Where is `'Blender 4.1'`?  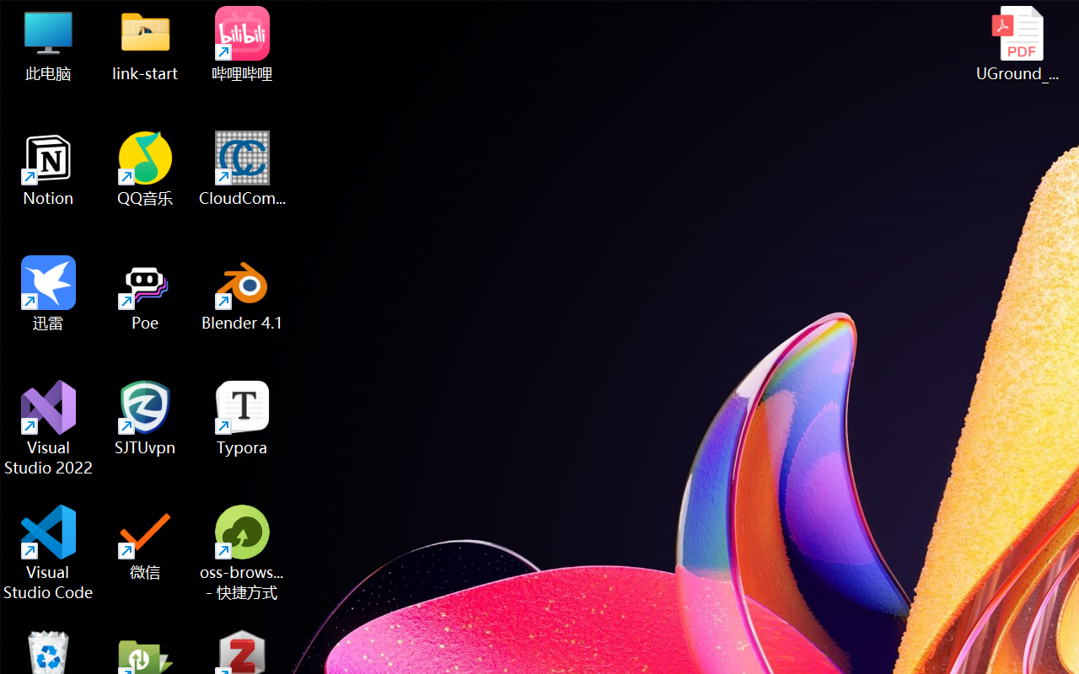 'Blender 4.1' is located at coordinates (242, 293).